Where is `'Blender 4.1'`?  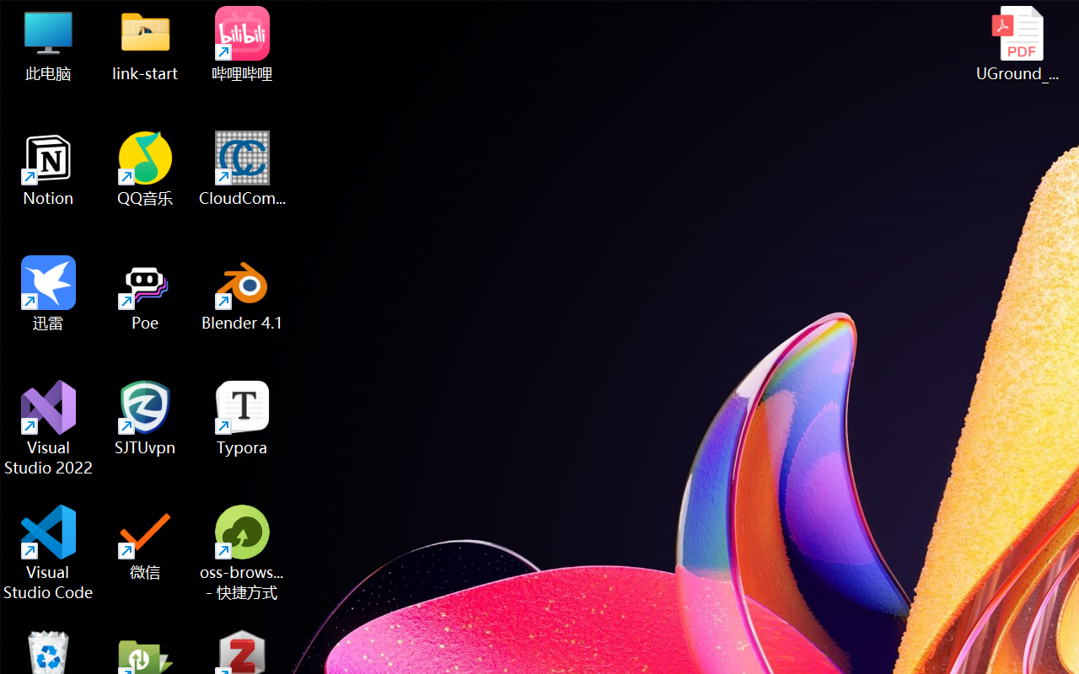 'Blender 4.1' is located at coordinates (242, 293).